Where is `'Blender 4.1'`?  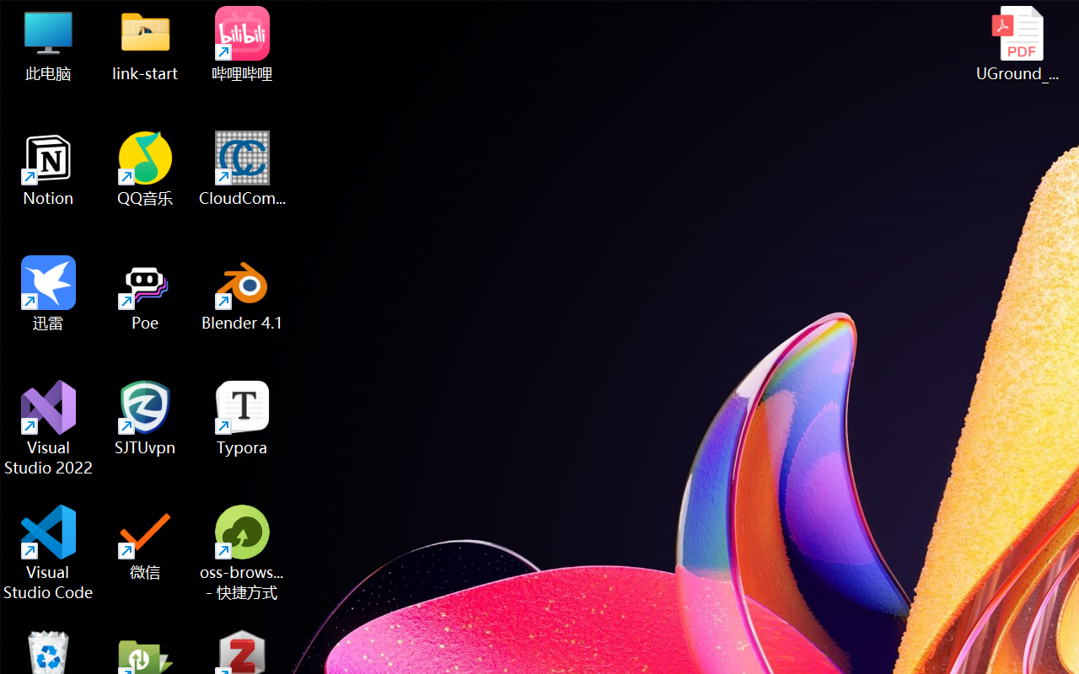 'Blender 4.1' is located at coordinates (242, 293).